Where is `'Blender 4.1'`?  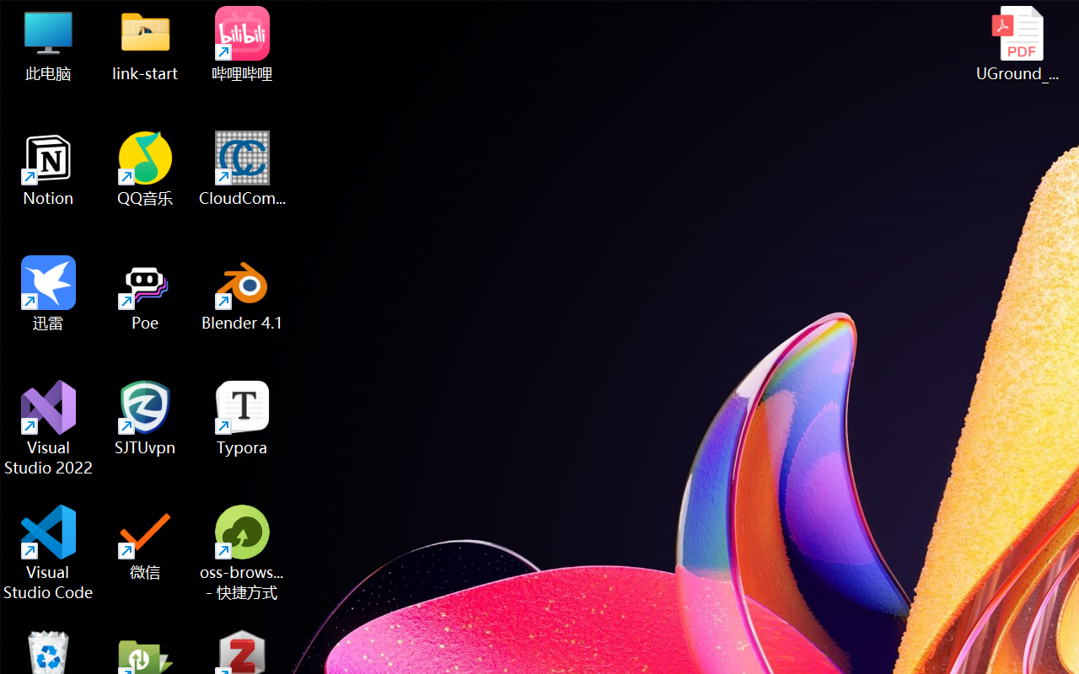 'Blender 4.1' is located at coordinates (242, 293).